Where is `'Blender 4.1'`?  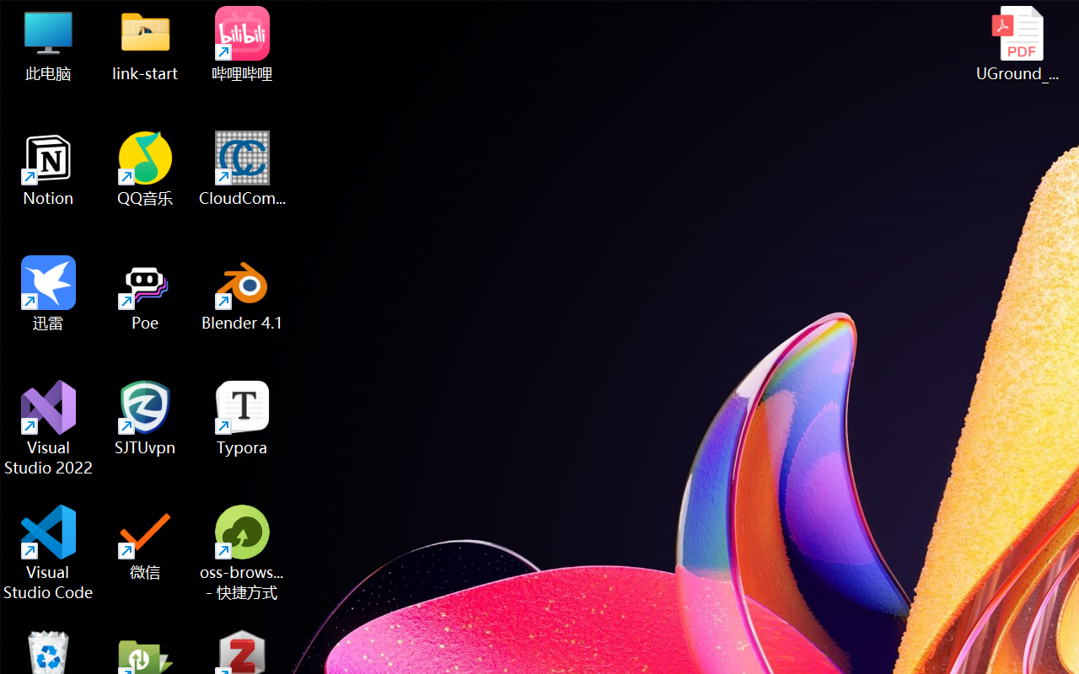 'Blender 4.1' is located at coordinates (242, 293).